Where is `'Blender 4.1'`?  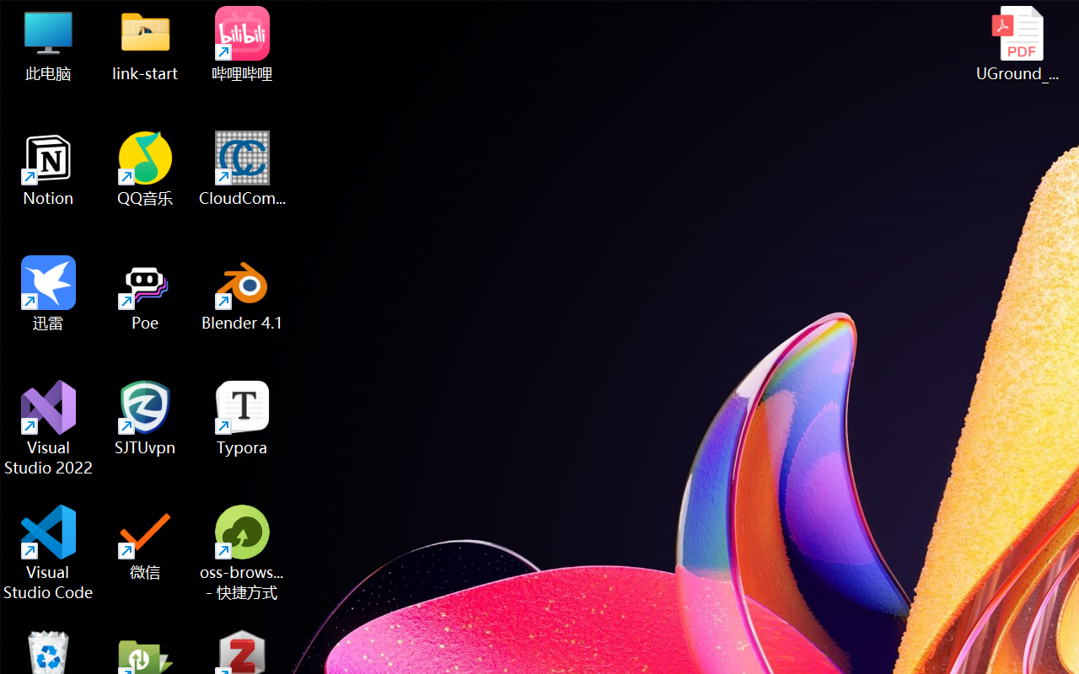 'Blender 4.1' is located at coordinates (242, 293).